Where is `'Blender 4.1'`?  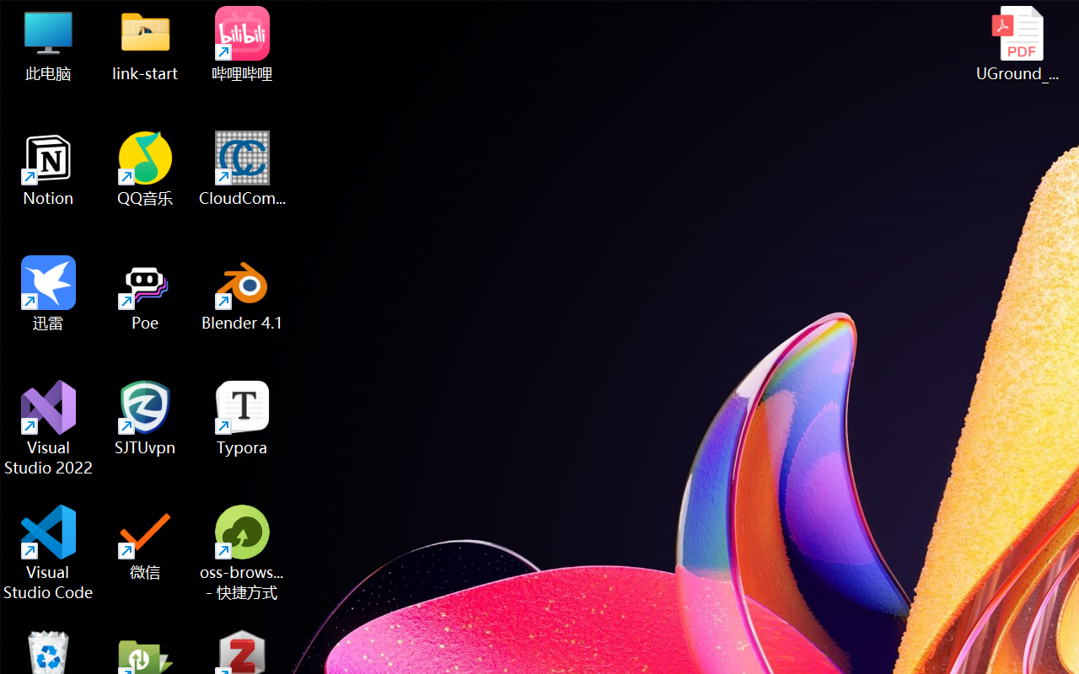 'Blender 4.1' is located at coordinates (242, 293).